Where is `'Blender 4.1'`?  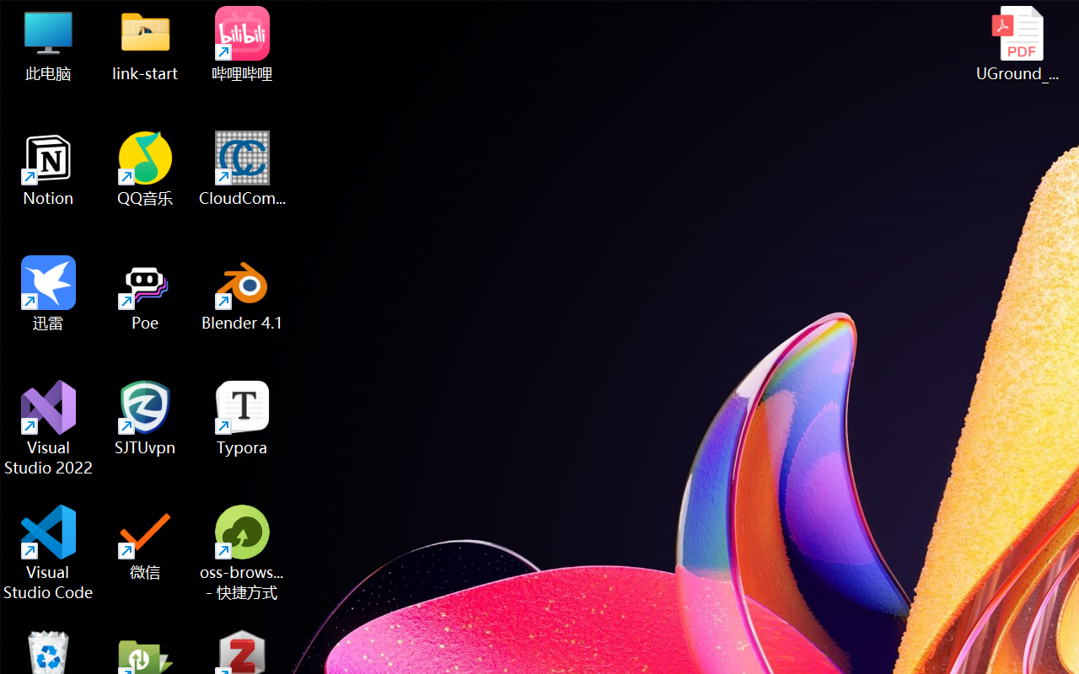 'Blender 4.1' is located at coordinates (242, 293).